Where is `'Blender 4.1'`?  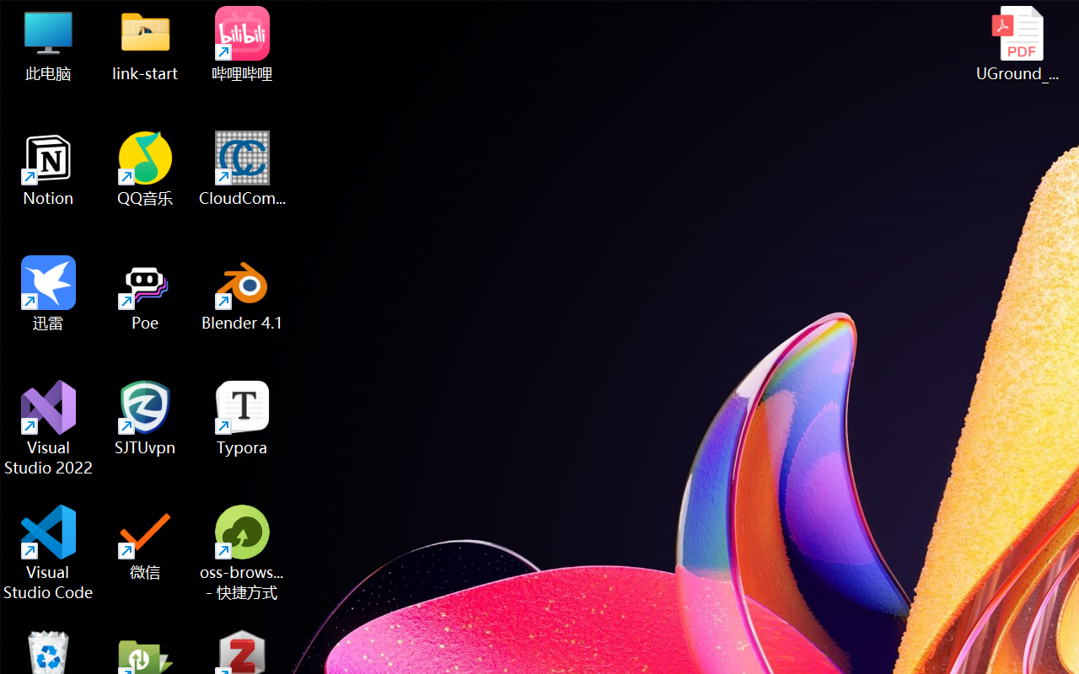 'Blender 4.1' is located at coordinates (242, 293).